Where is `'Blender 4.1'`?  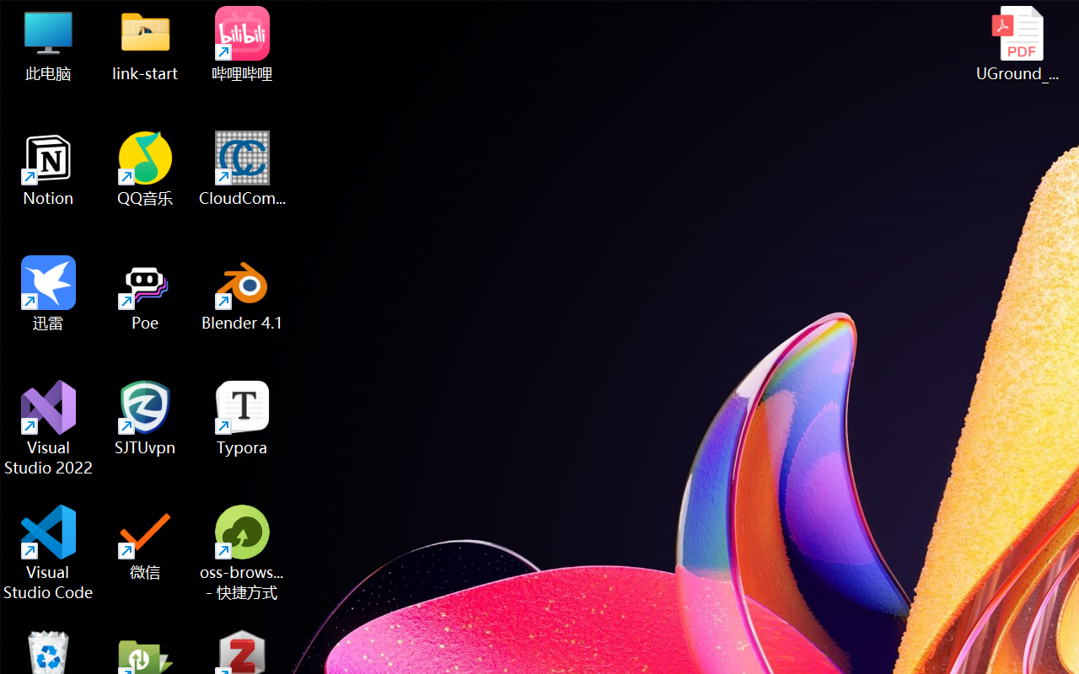 'Blender 4.1' is located at coordinates (242, 293).